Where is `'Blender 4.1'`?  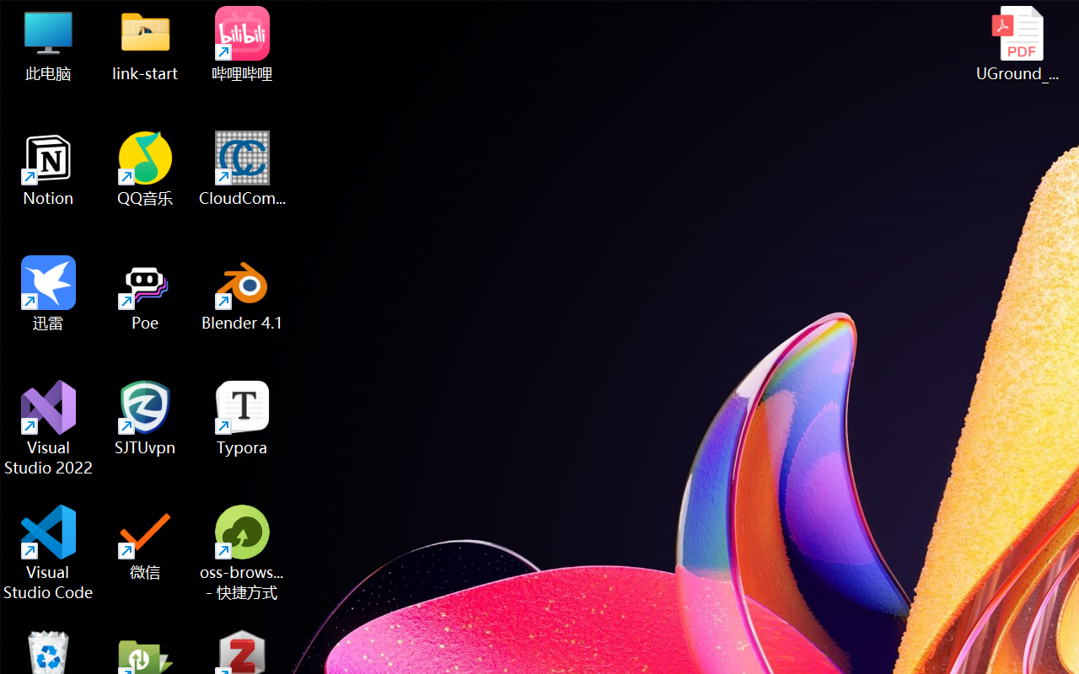 'Blender 4.1' is located at coordinates (242, 293).